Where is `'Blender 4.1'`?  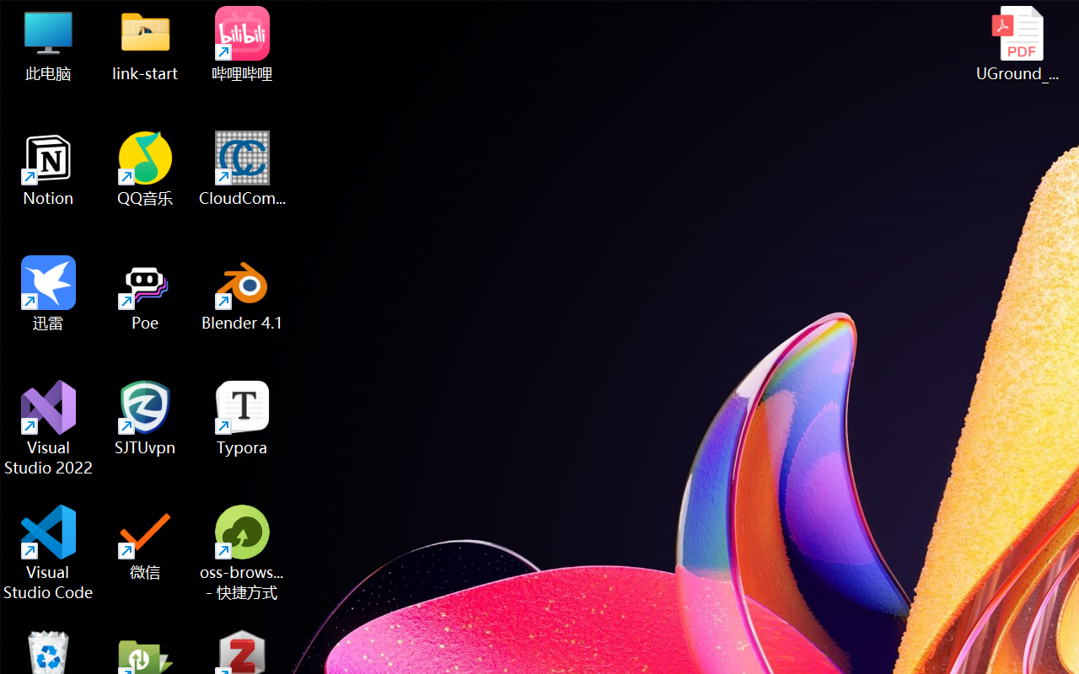 'Blender 4.1' is located at coordinates (242, 293).